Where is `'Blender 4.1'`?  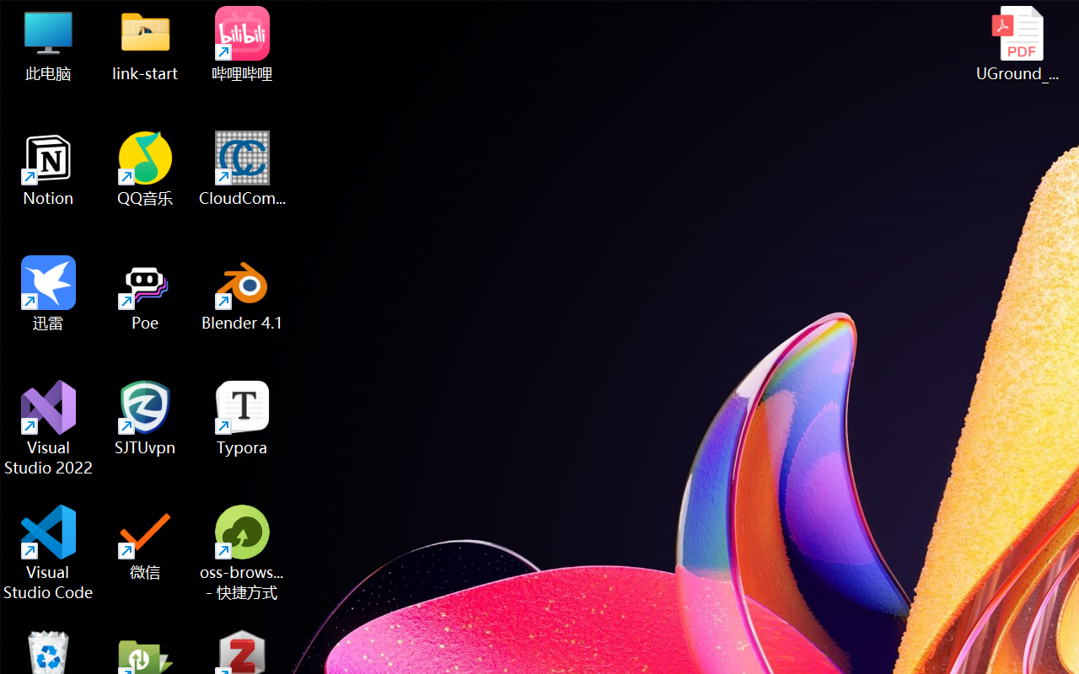 'Blender 4.1' is located at coordinates (242, 293).